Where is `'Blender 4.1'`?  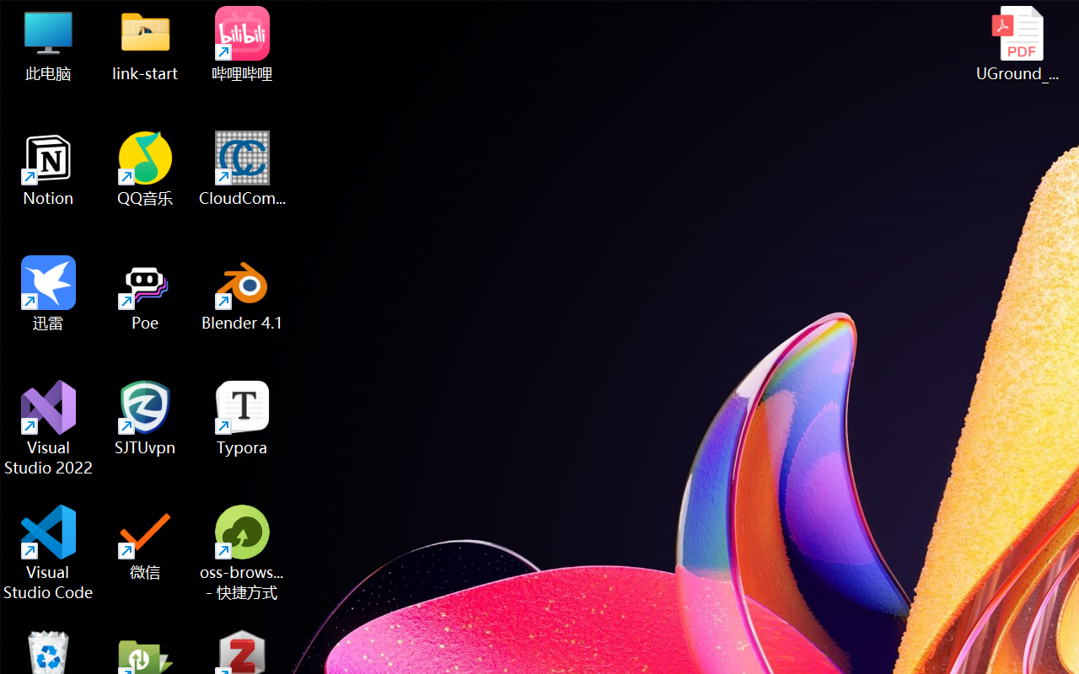 'Blender 4.1' is located at coordinates (242, 293).